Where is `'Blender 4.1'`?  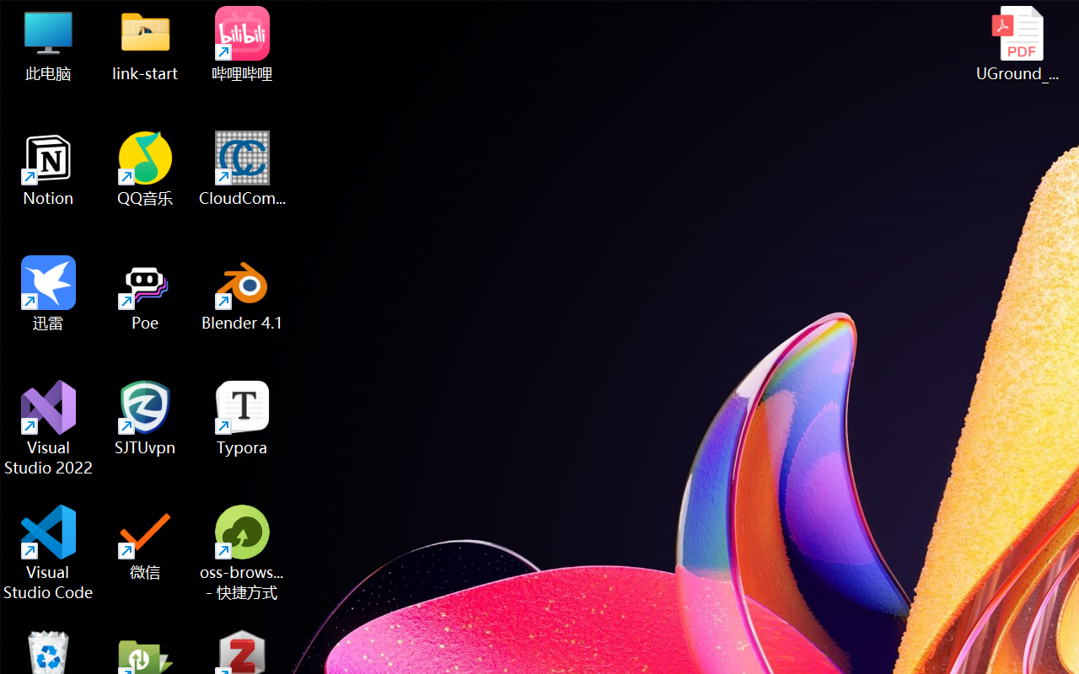 'Blender 4.1' is located at coordinates (242, 293).